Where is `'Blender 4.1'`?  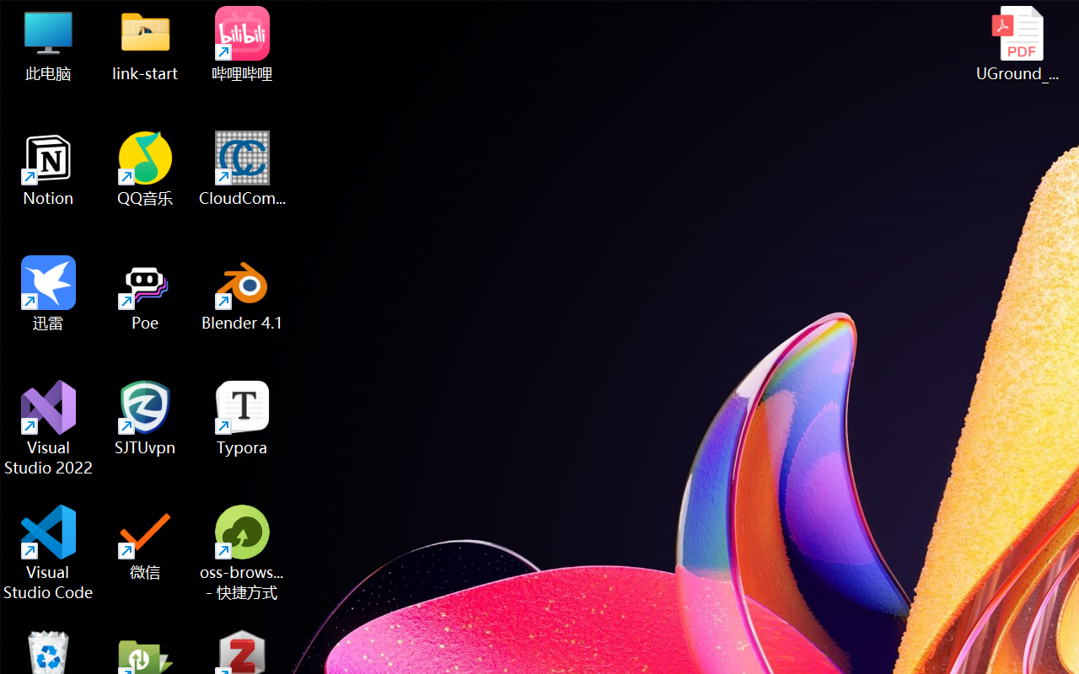 'Blender 4.1' is located at coordinates (242, 293).